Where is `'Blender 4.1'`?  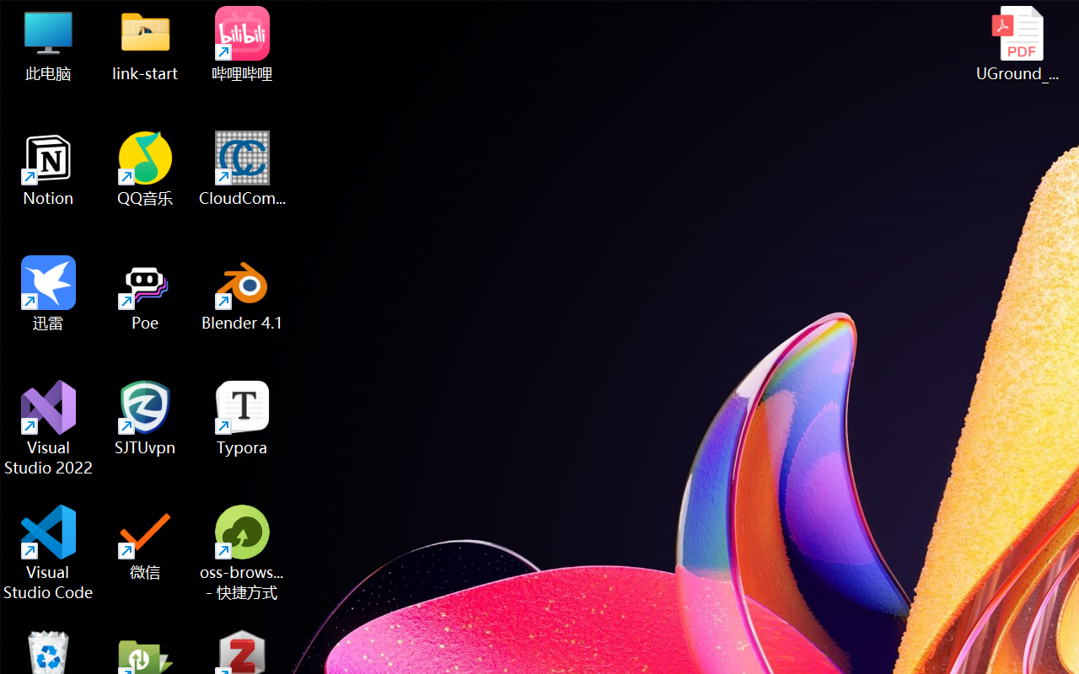 'Blender 4.1' is located at coordinates (242, 293).